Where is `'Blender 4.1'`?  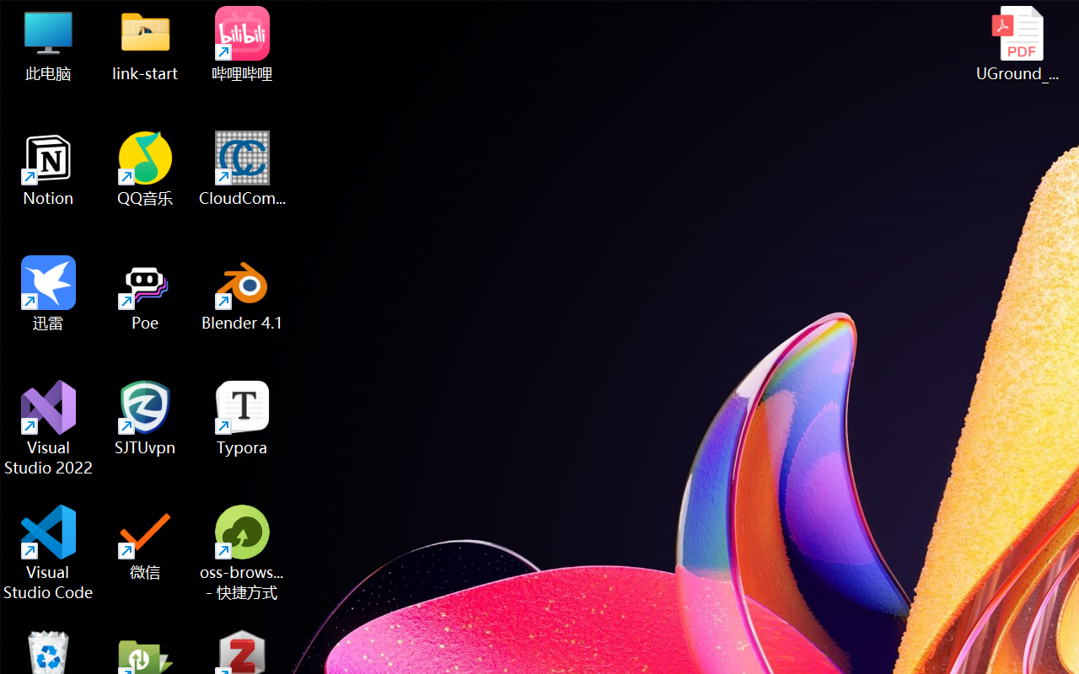 'Blender 4.1' is located at coordinates (242, 293).